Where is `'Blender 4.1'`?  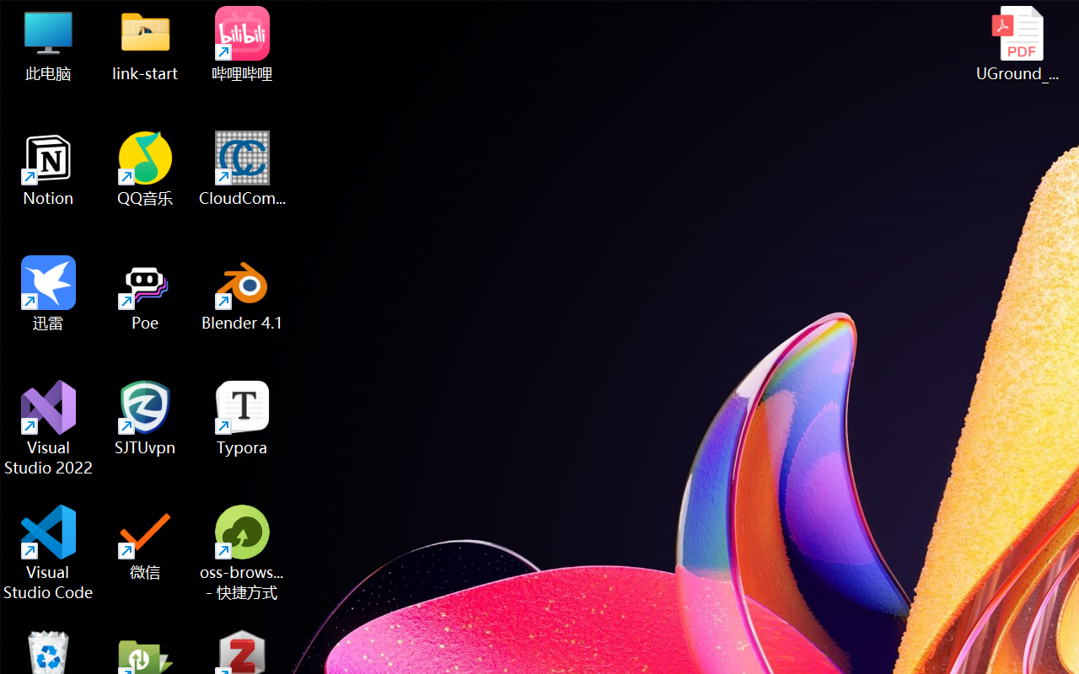 'Blender 4.1' is located at coordinates (242, 293).